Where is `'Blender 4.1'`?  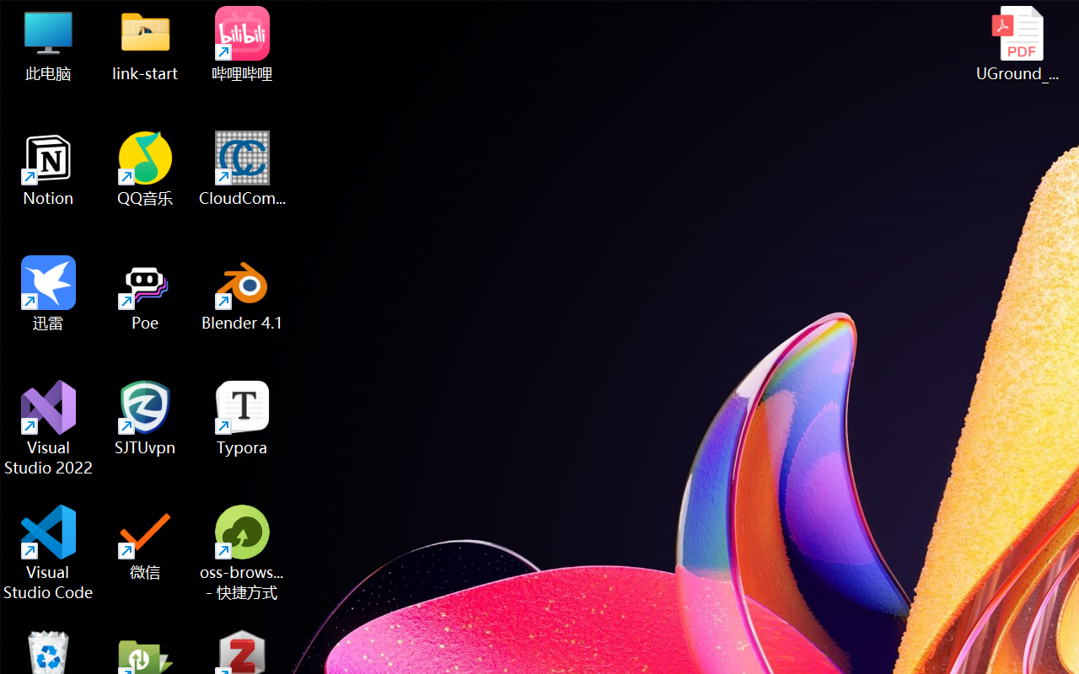 'Blender 4.1' is located at coordinates (242, 293).